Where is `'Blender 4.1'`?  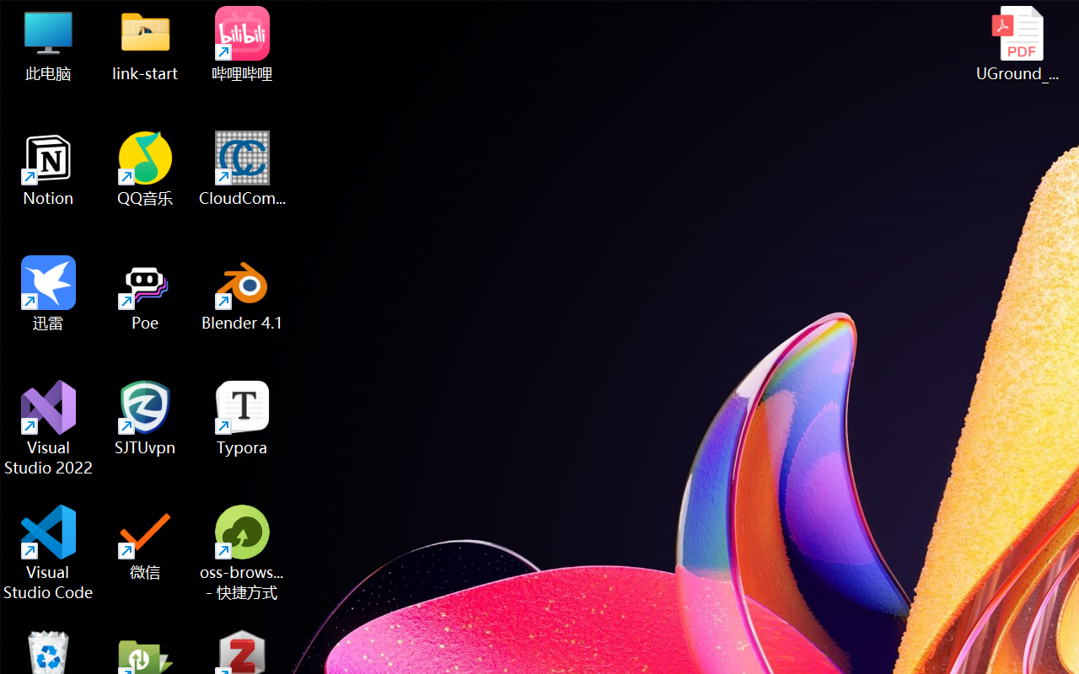 'Blender 4.1' is located at coordinates (242, 293).